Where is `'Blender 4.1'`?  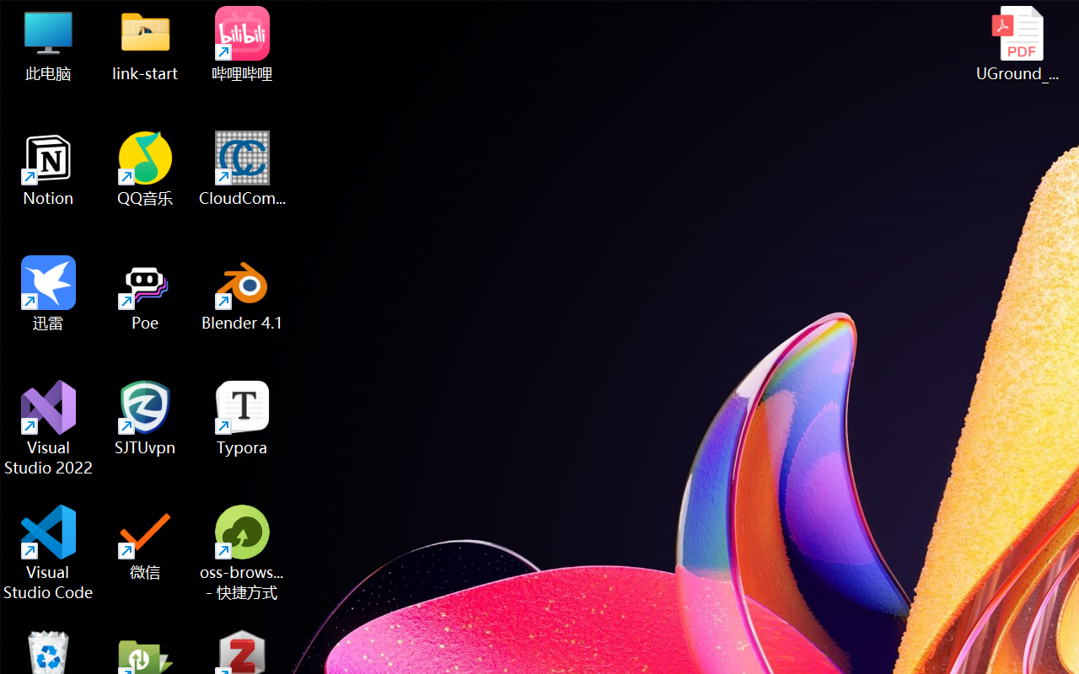 'Blender 4.1' is located at coordinates (242, 293).